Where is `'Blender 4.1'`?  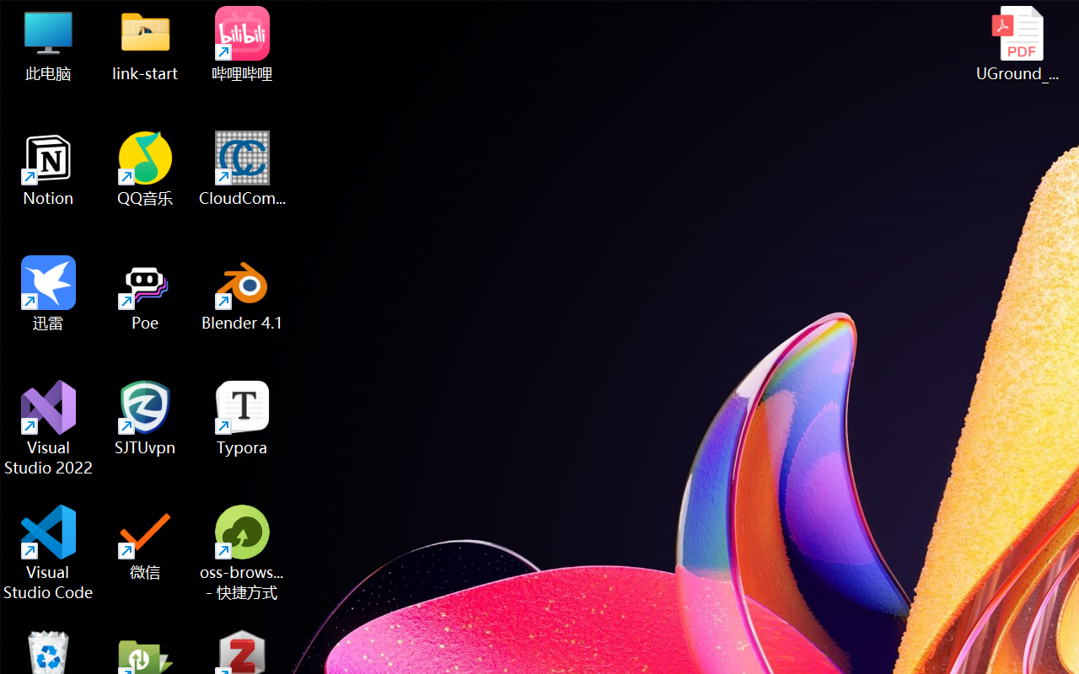 'Blender 4.1' is located at coordinates (242, 293).